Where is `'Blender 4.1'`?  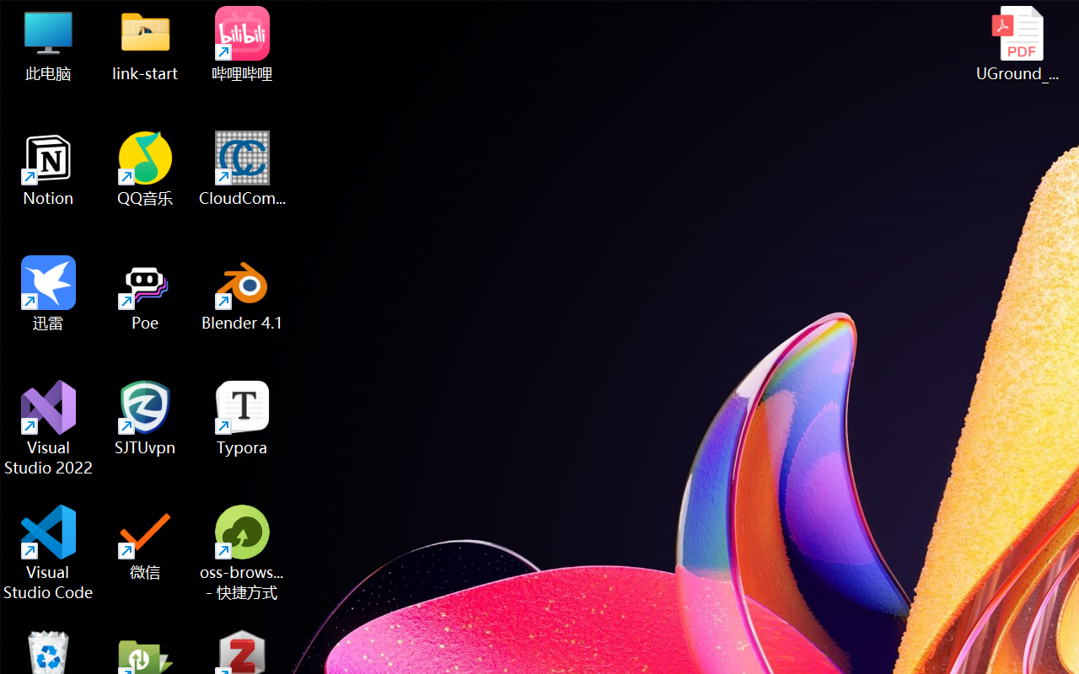 'Blender 4.1' is located at coordinates (242, 293).